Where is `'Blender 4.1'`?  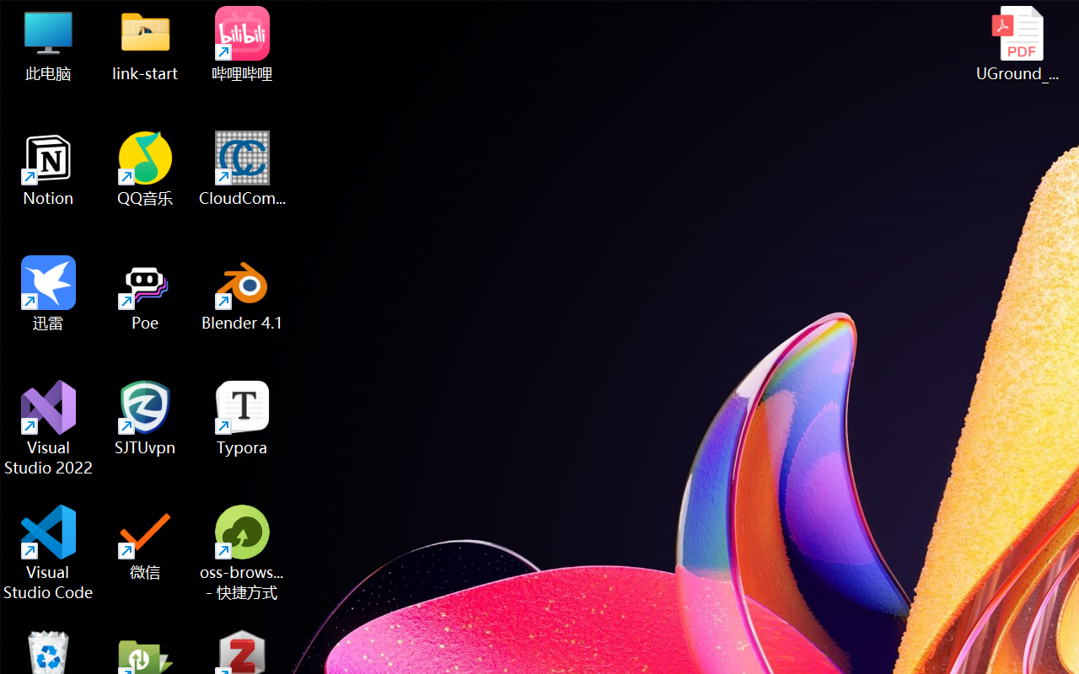 'Blender 4.1' is located at coordinates (242, 293).